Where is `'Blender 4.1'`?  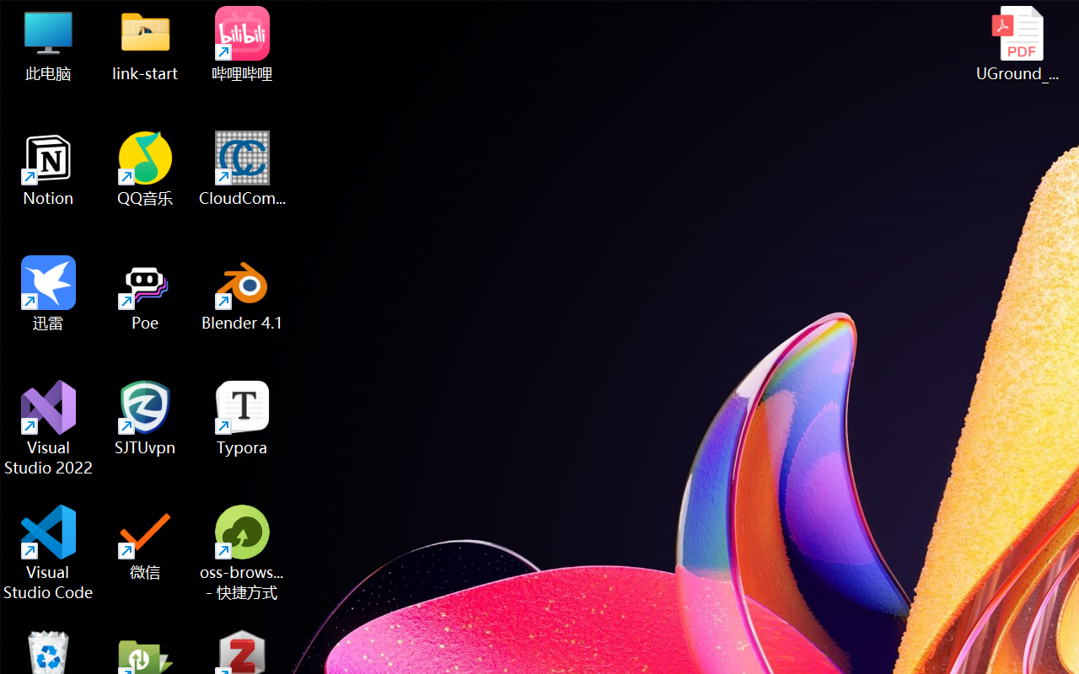 'Blender 4.1' is located at coordinates (242, 293).